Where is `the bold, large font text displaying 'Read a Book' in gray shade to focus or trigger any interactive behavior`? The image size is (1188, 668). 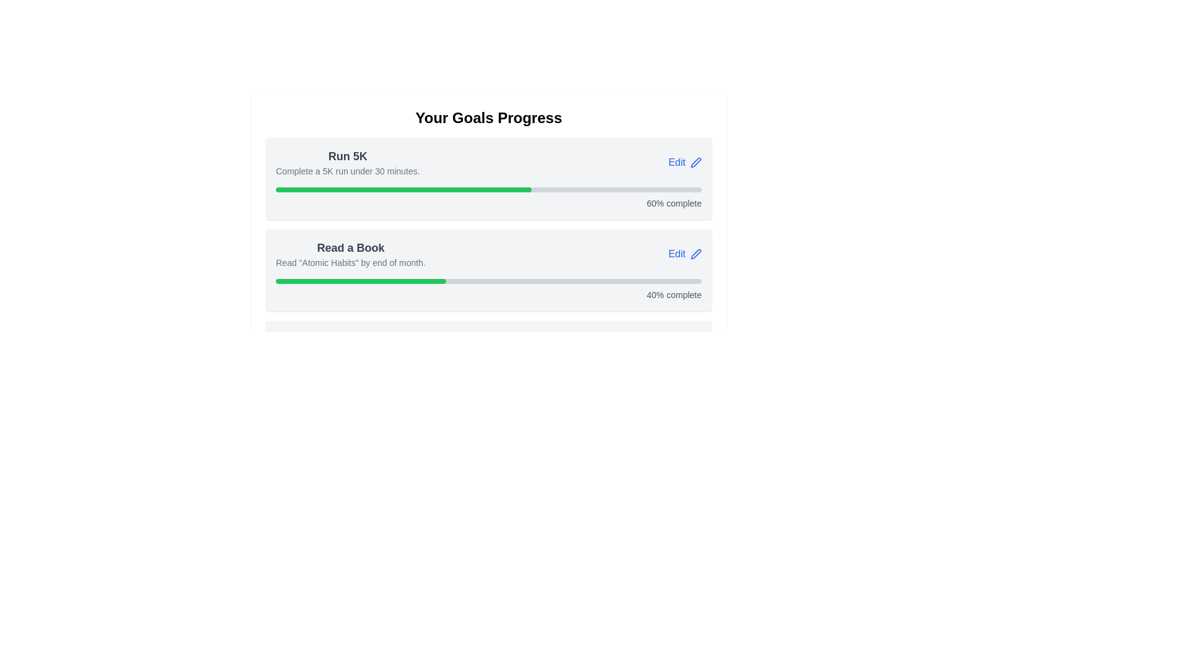 the bold, large font text displaying 'Read a Book' in gray shade to focus or trigger any interactive behavior is located at coordinates (350, 248).